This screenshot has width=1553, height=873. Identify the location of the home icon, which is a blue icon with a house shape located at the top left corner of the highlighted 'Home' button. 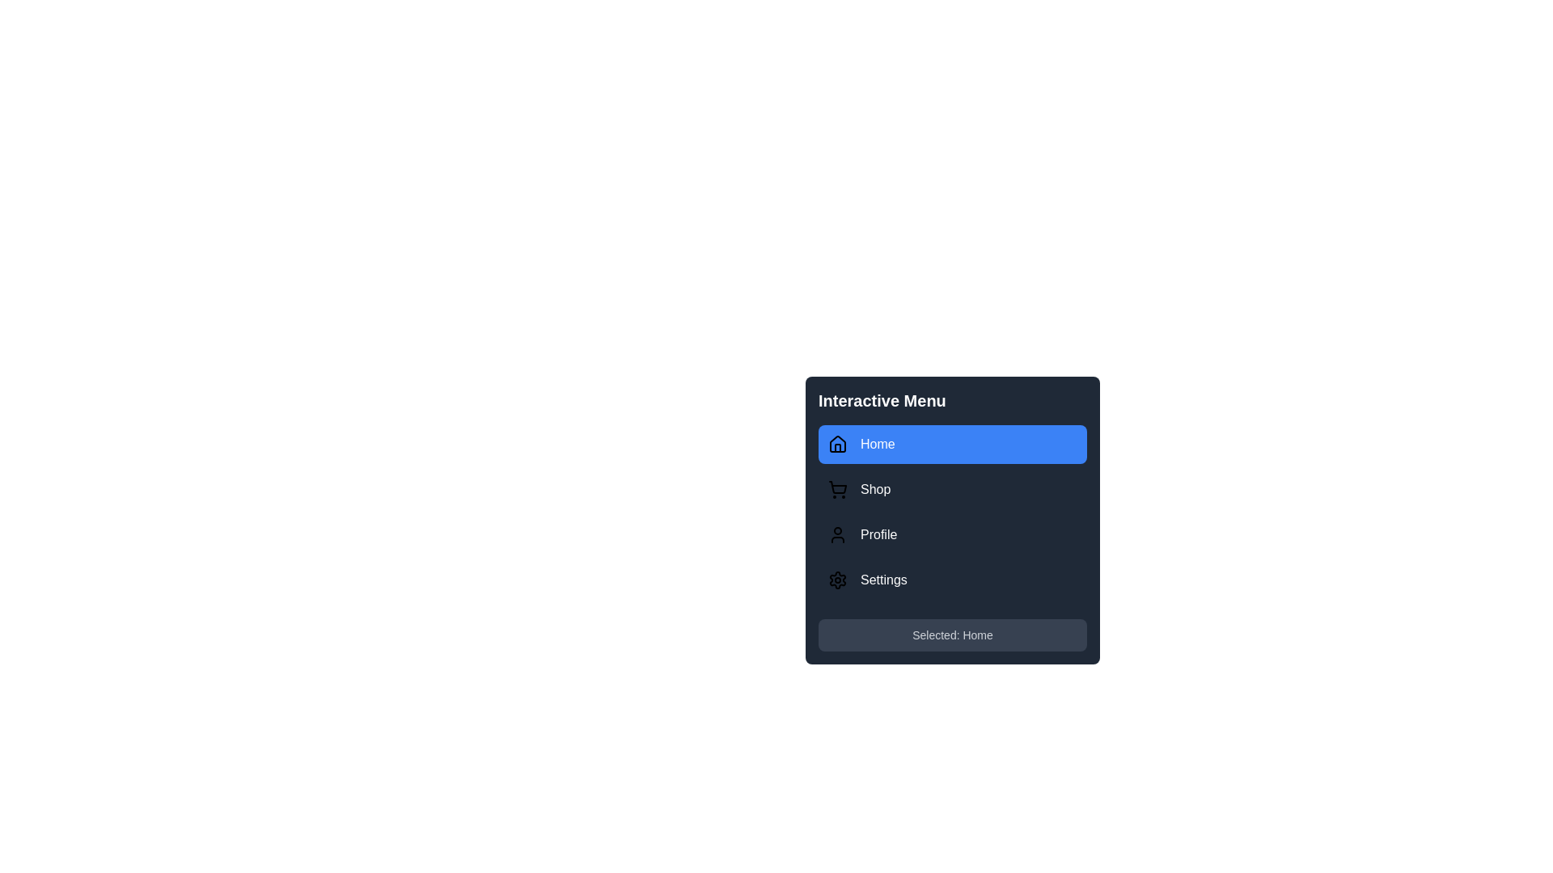
(838, 445).